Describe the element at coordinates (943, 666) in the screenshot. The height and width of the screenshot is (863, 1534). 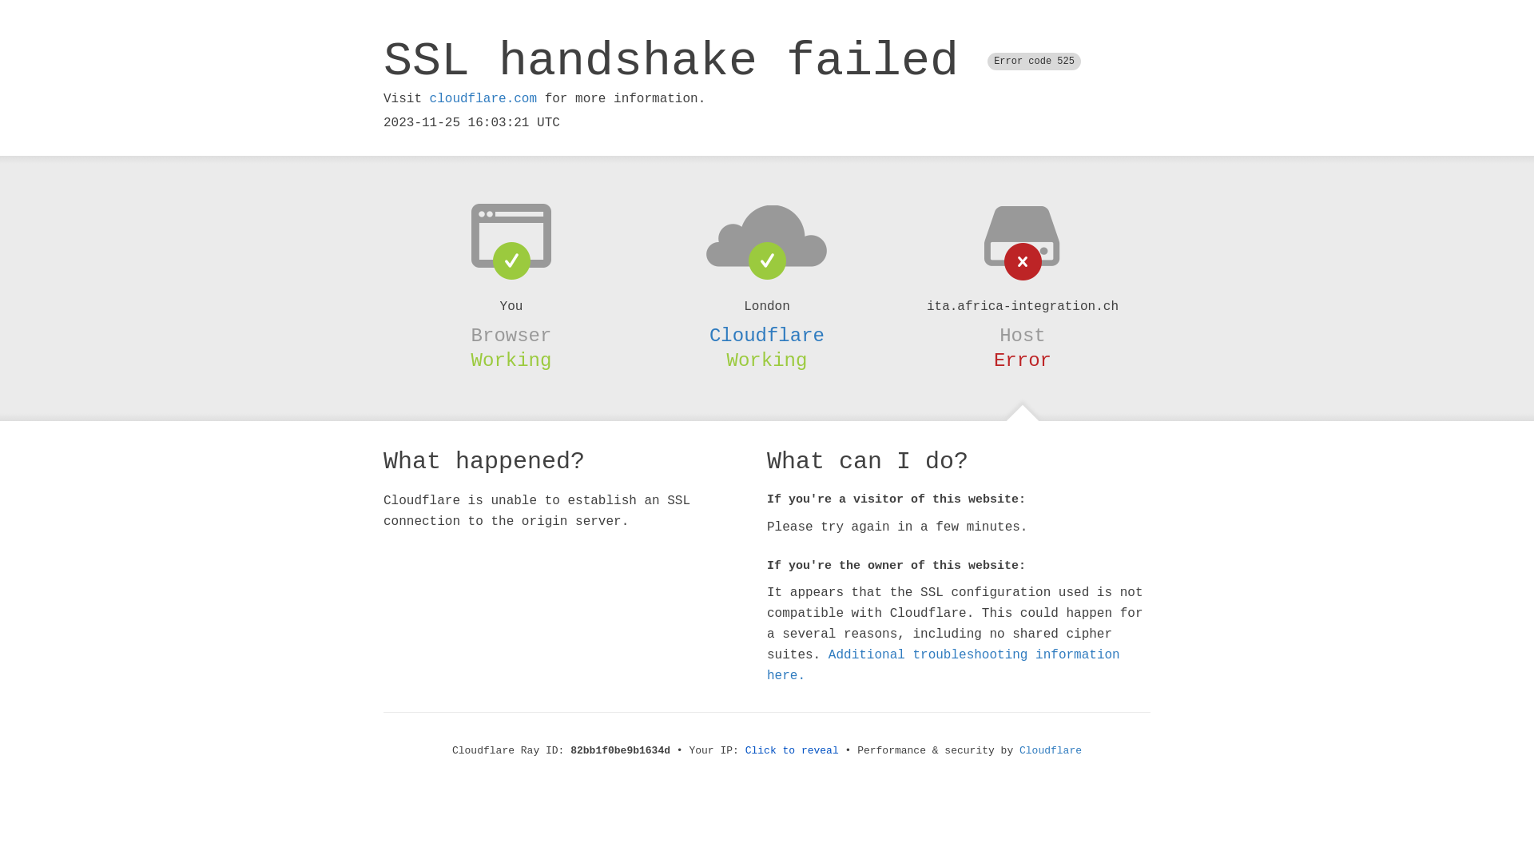
I see `'Additional troubleshooting information here.'` at that location.